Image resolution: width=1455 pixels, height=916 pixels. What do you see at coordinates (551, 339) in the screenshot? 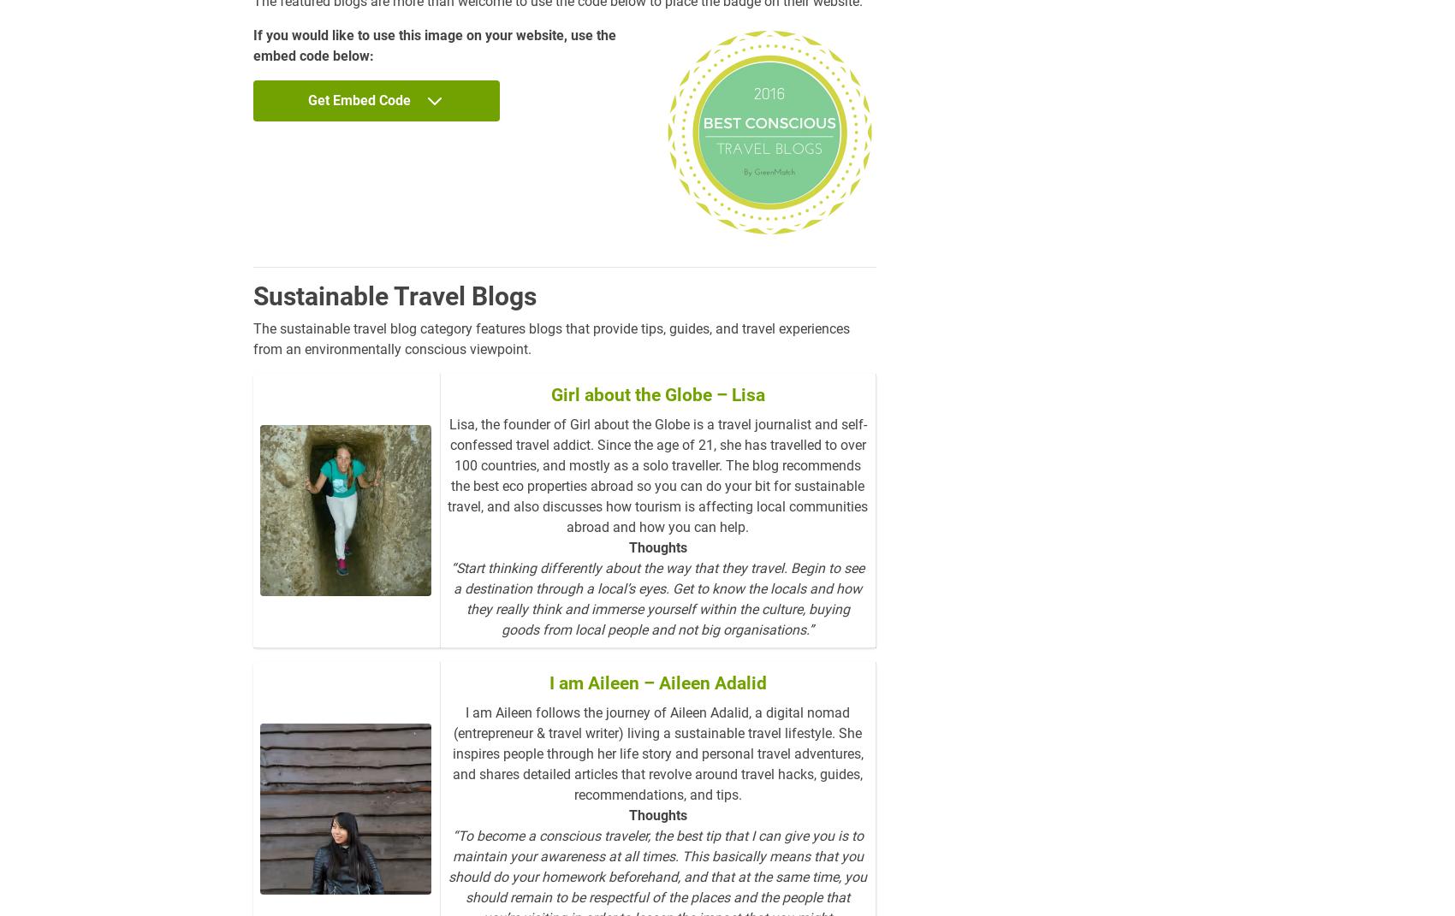
I see `'The sustainable travel blog category features blogs that provide tips, guides, and travel experiences from an environmentally conscious viewpoint.'` at bounding box center [551, 339].